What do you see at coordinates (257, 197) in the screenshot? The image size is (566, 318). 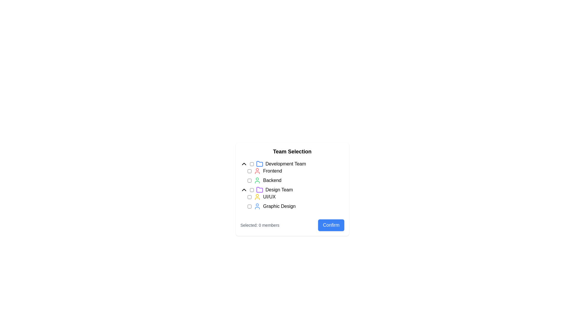 I see `the user icon, which is represented as a yellow silhouette with a circular head and semi-oval body, located in the 'Design Team' section, to the right of a checkbox and left of the text 'UI/UX'` at bounding box center [257, 197].